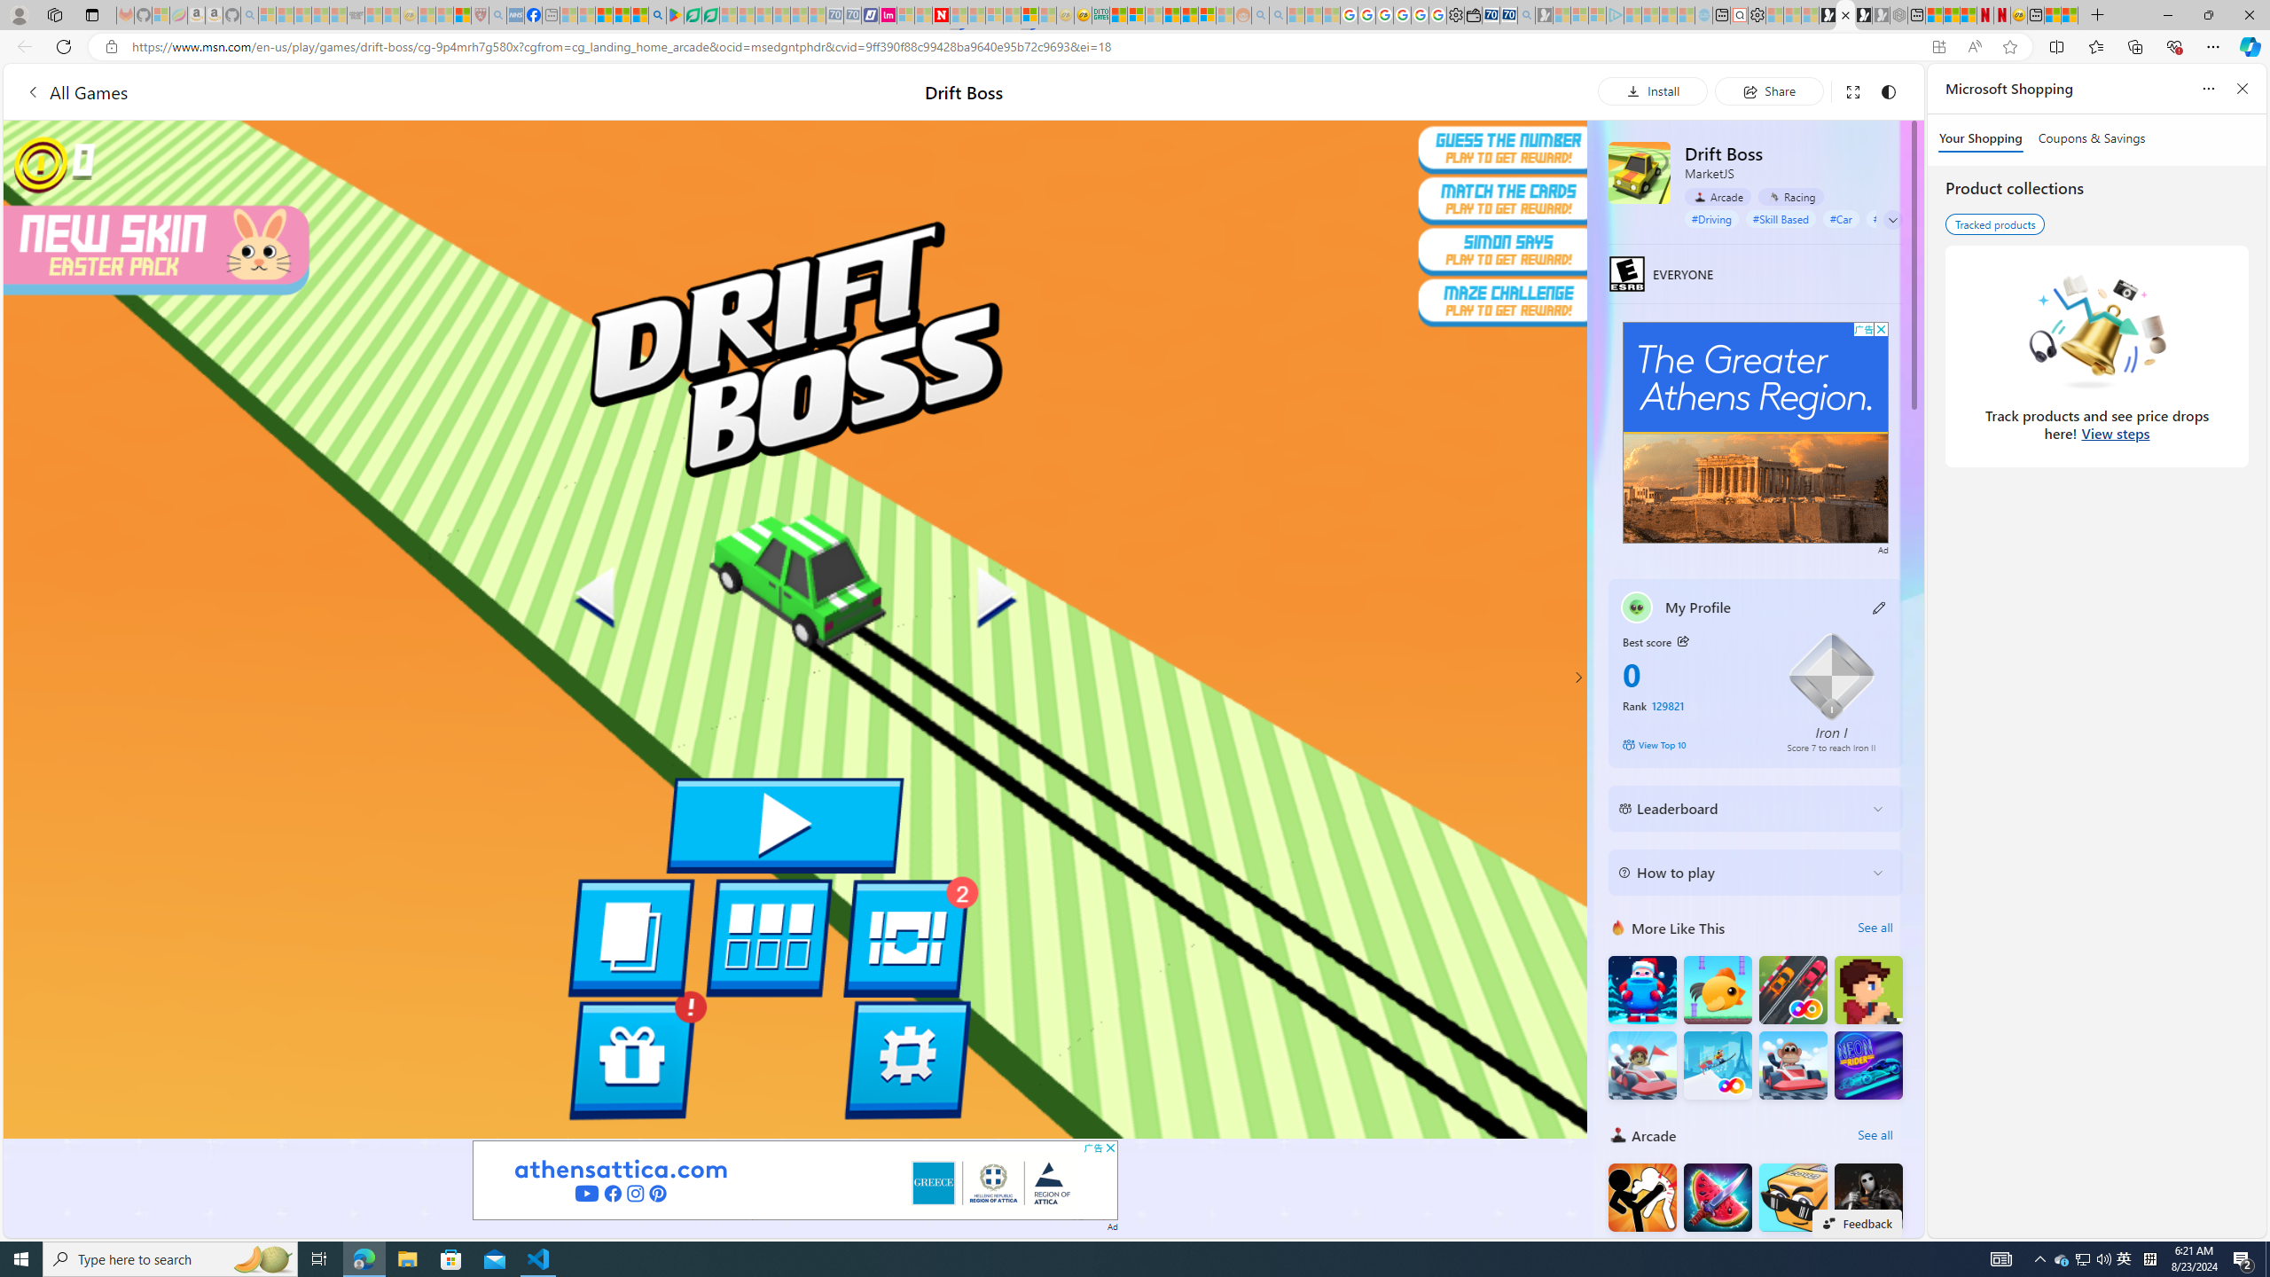  I want to click on 'Share', so click(1768, 90).